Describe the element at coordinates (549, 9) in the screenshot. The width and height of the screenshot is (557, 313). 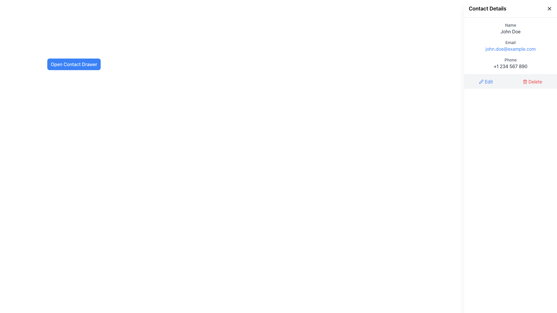
I see `the close button located at the top right corner of the 'Contact Details' panel` at that location.